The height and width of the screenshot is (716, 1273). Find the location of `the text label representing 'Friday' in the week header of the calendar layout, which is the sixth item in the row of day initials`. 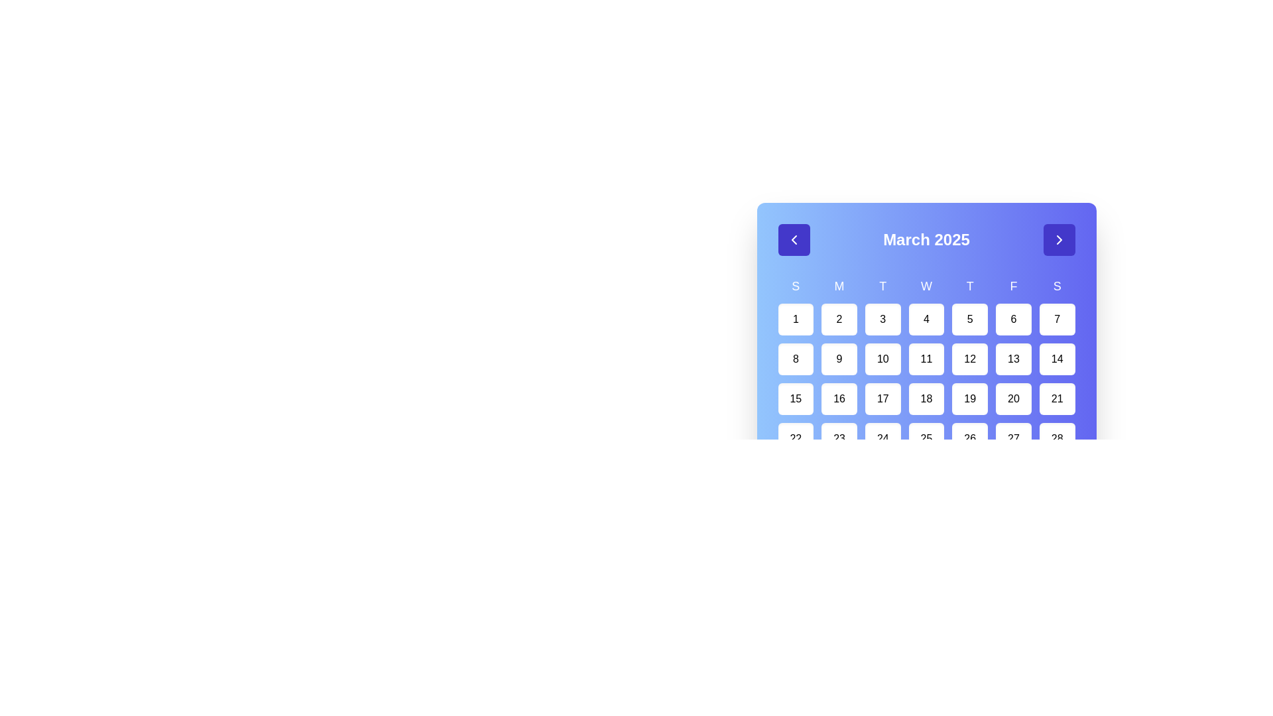

the text label representing 'Friday' in the week header of the calendar layout, which is the sixth item in the row of day initials is located at coordinates (1012, 286).